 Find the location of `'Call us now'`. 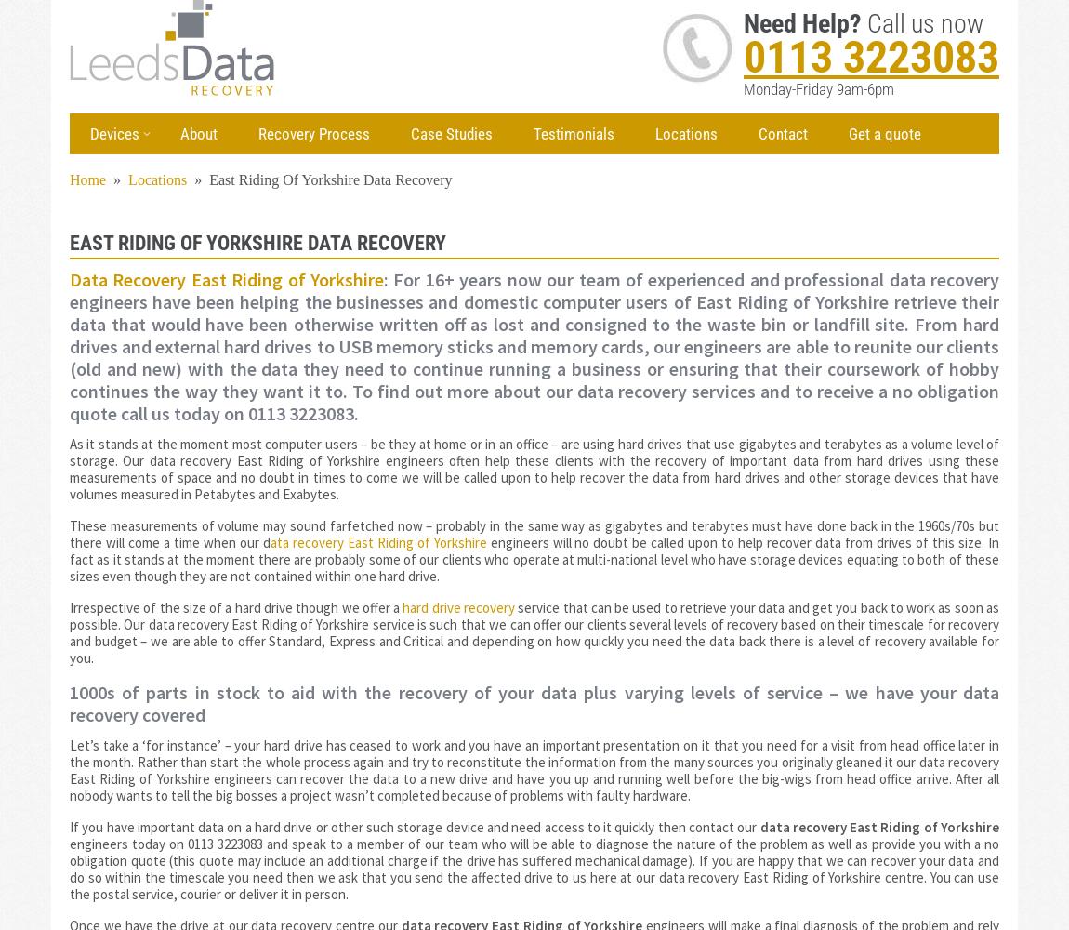

'Call us now' is located at coordinates (922, 23).